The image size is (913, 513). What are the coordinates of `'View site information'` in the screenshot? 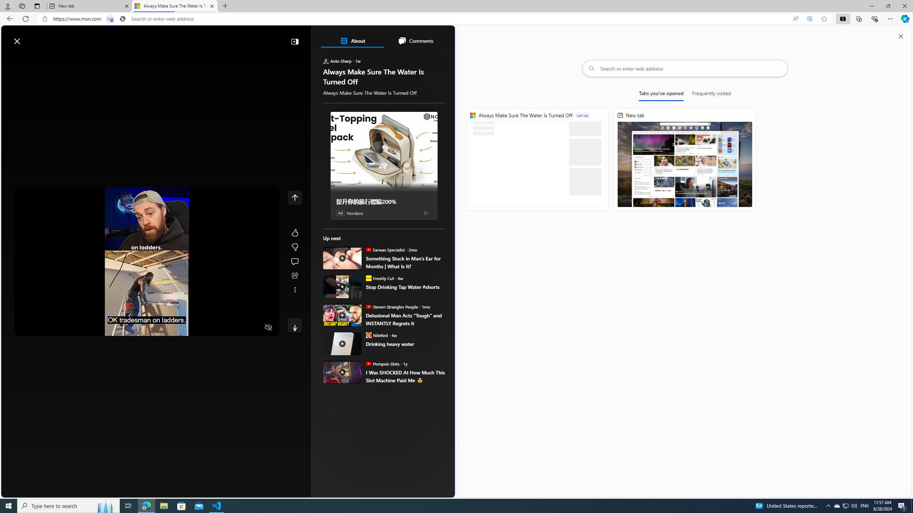 It's located at (45, 19).